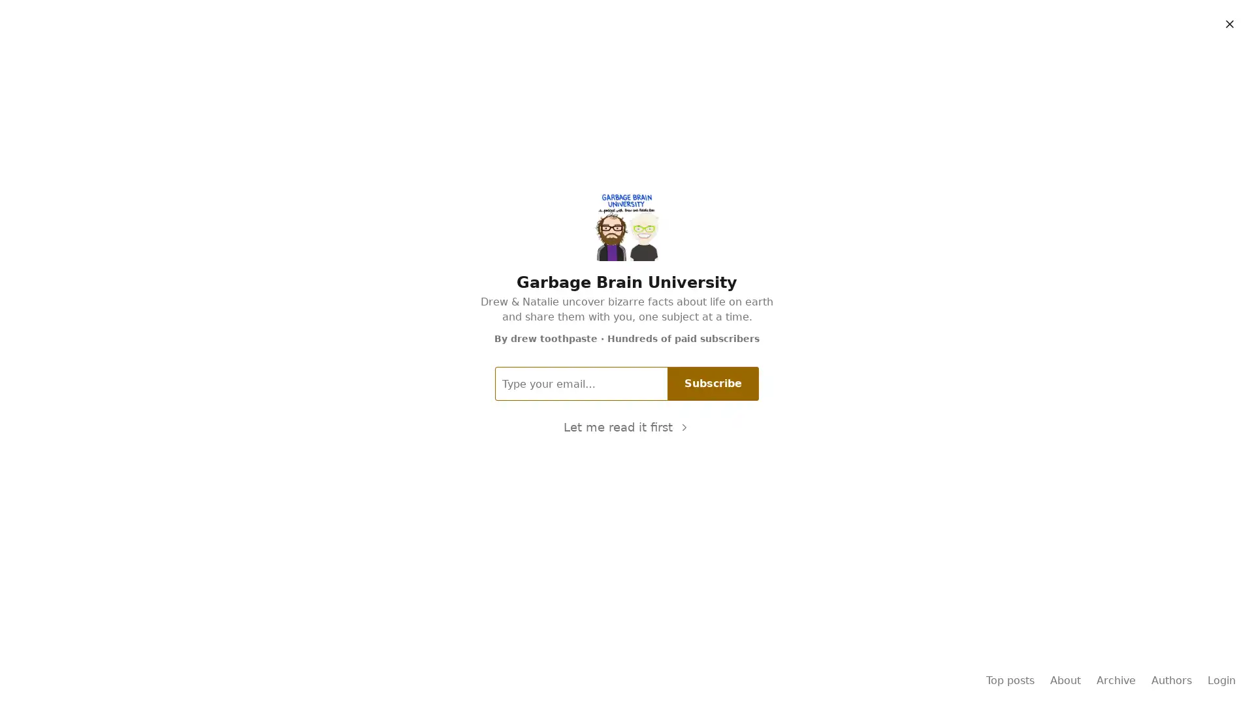 Image resolution: width=1254 pixels, height=705 pixels. I want to click on 11, so click(805, 200).